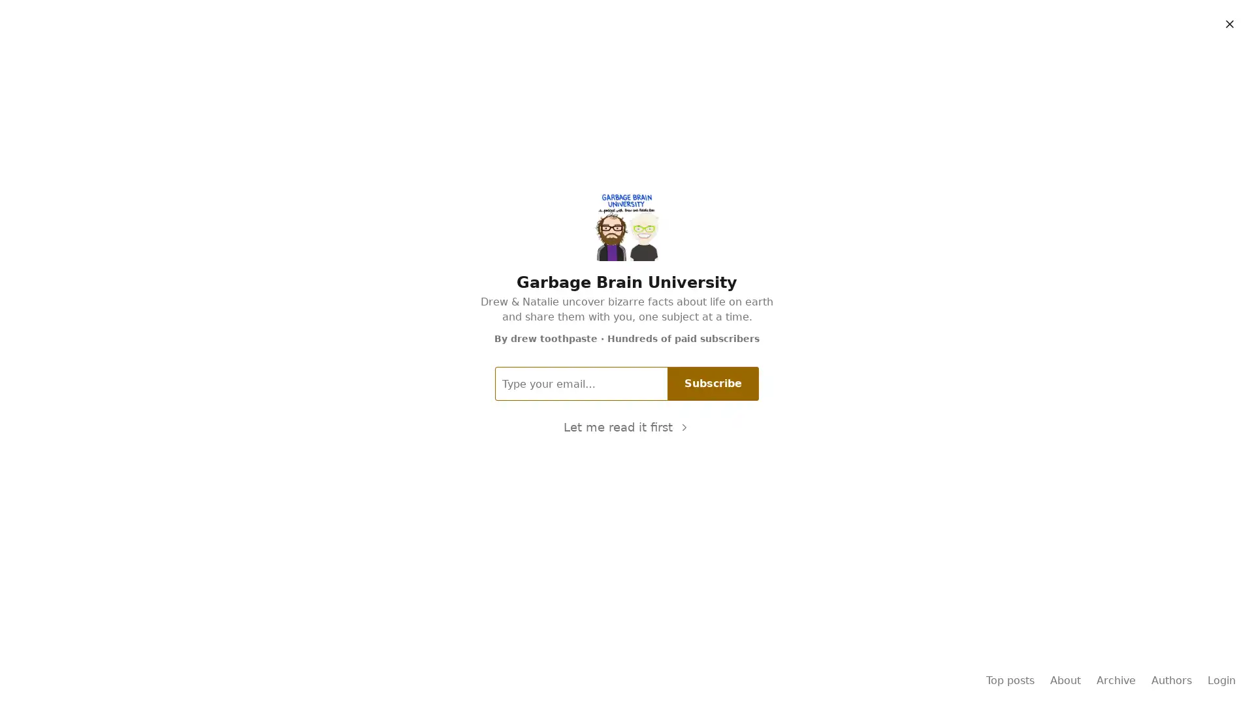 Image resolution: width=1254 pixels, height=705 pixels. I want to click on 11, so click(805, 200).